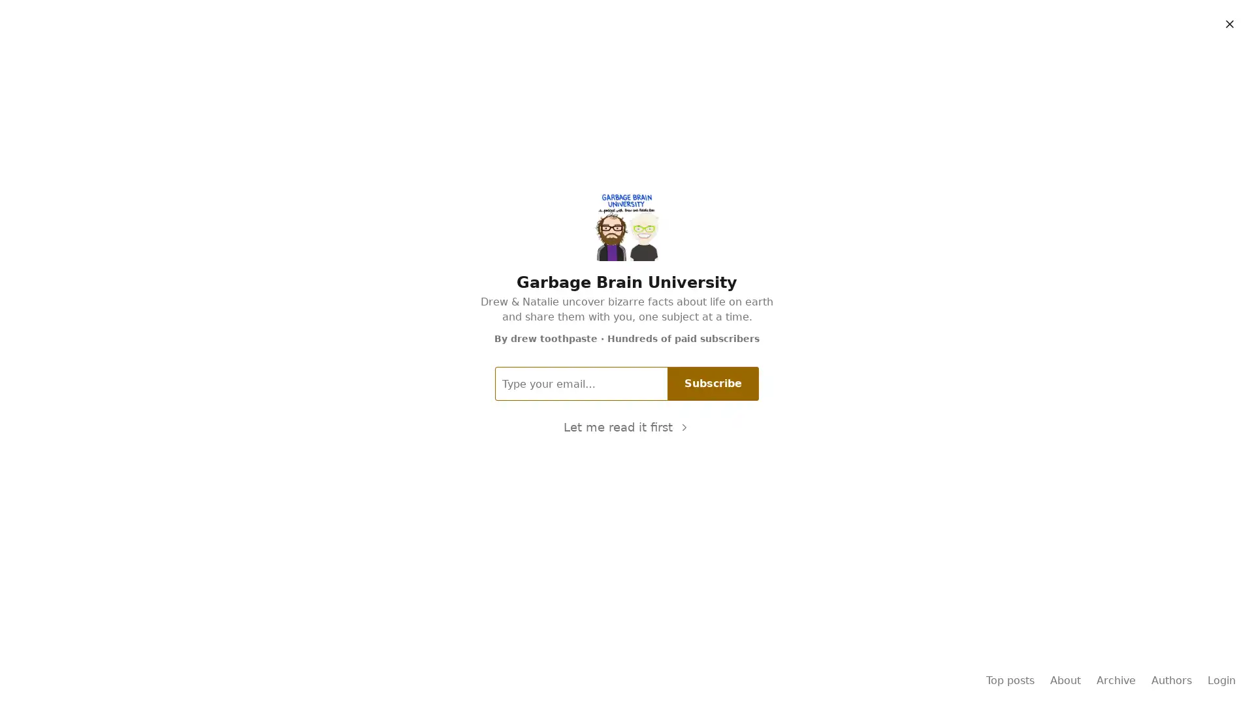 Image resolution: width=1254 pixels, height=705 pixels. I want to click on 11, so click(805, 200).